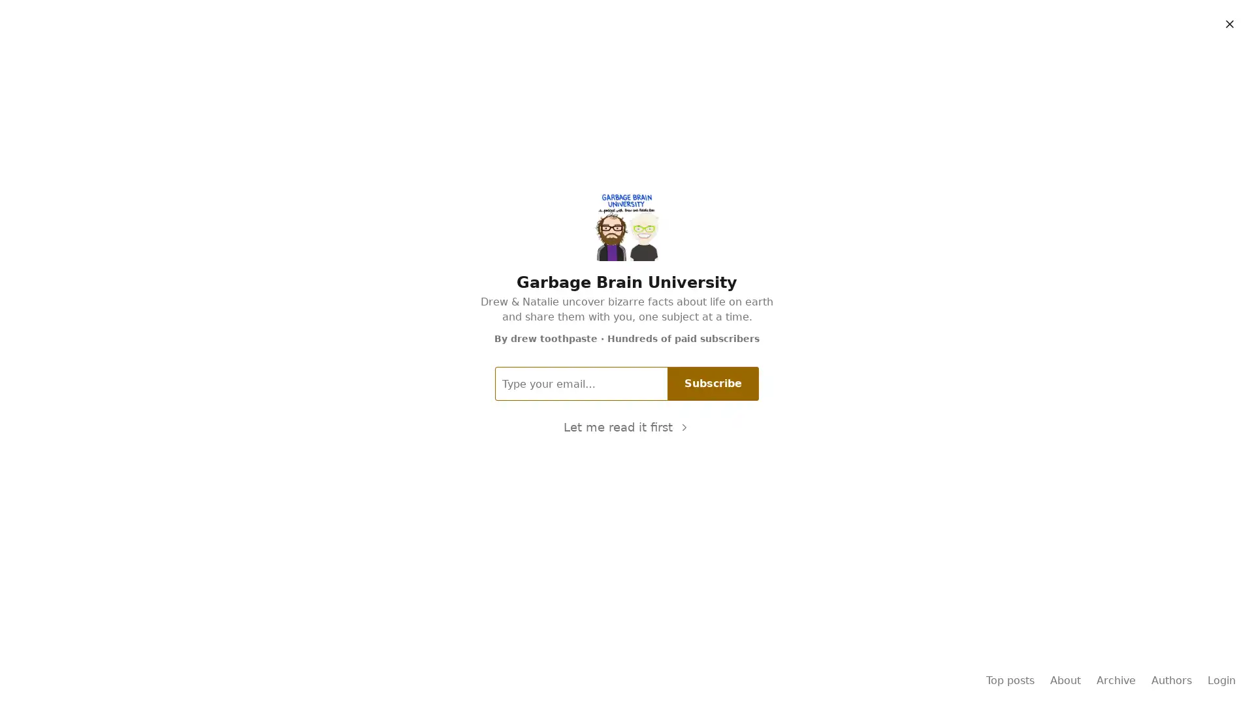 Image resolution: width=1254 pixels, height=705 pixels. I want to click on 11, so click(805, 200).